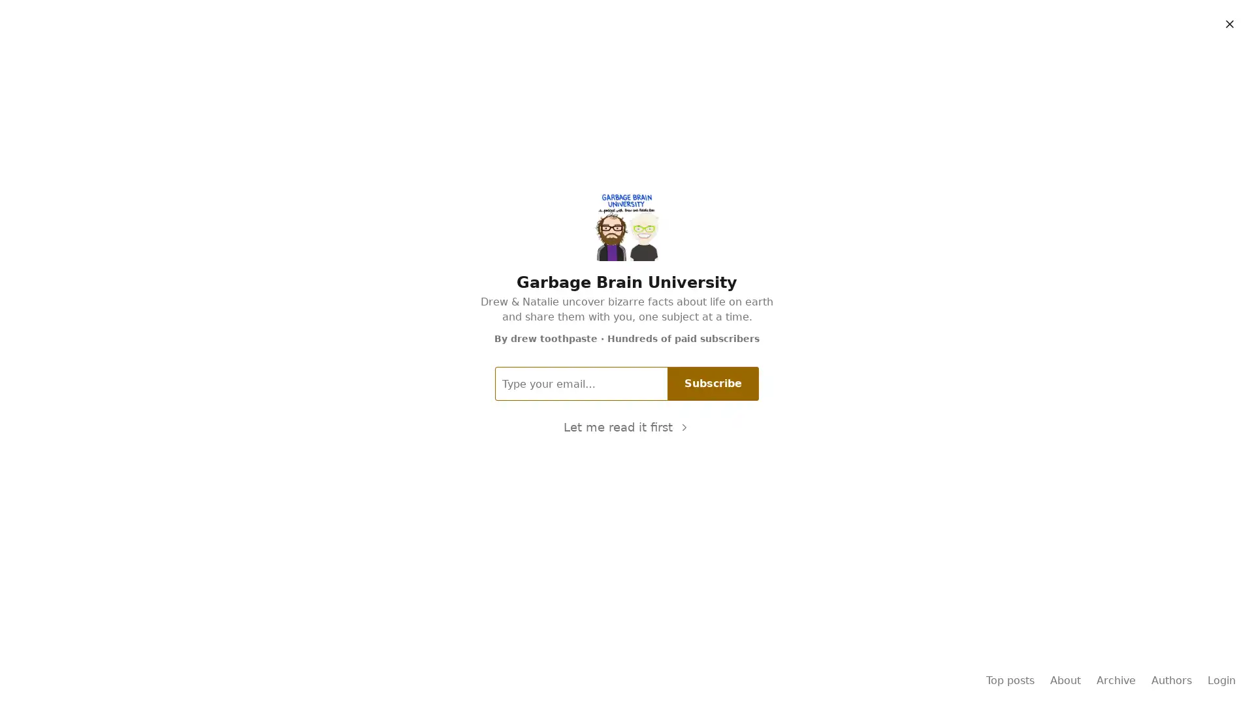 Image resolution: width=1254 pixels, height=705 pixels. I want to click on 11, so click(805, 200).